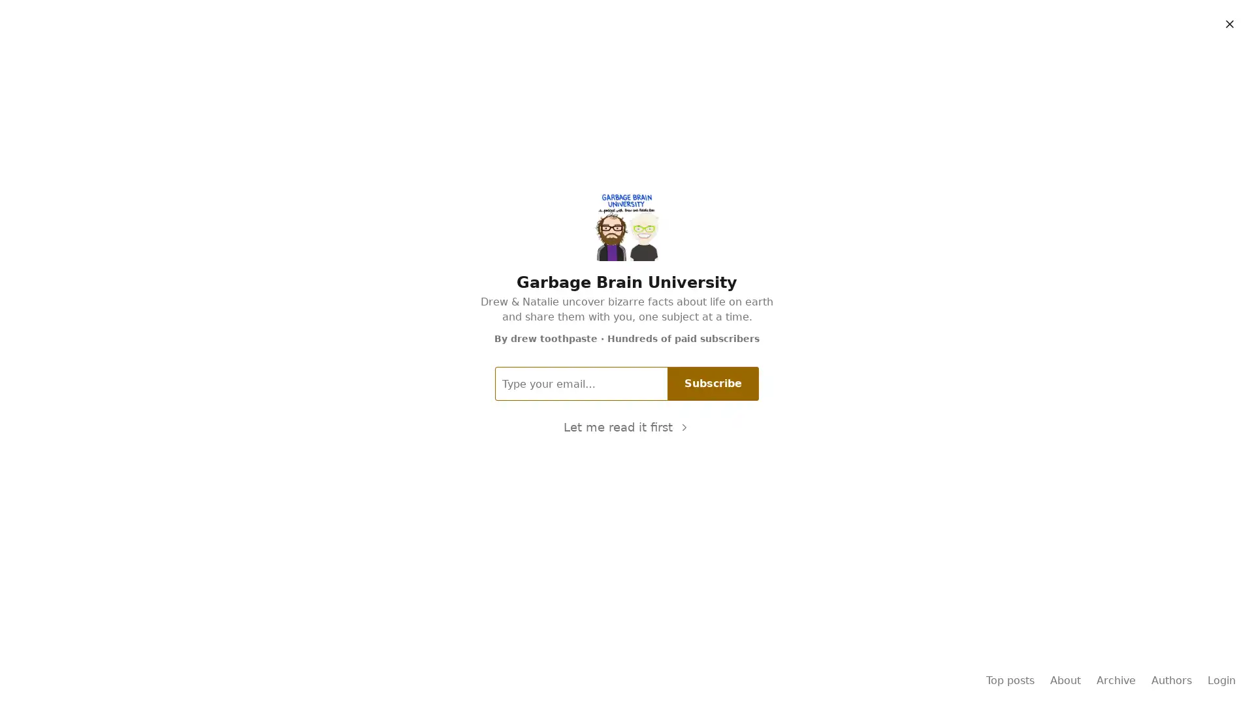 Image resolution: width=1254 pixels, height=705 pixels. I want to click on 11, so click(805, 200).